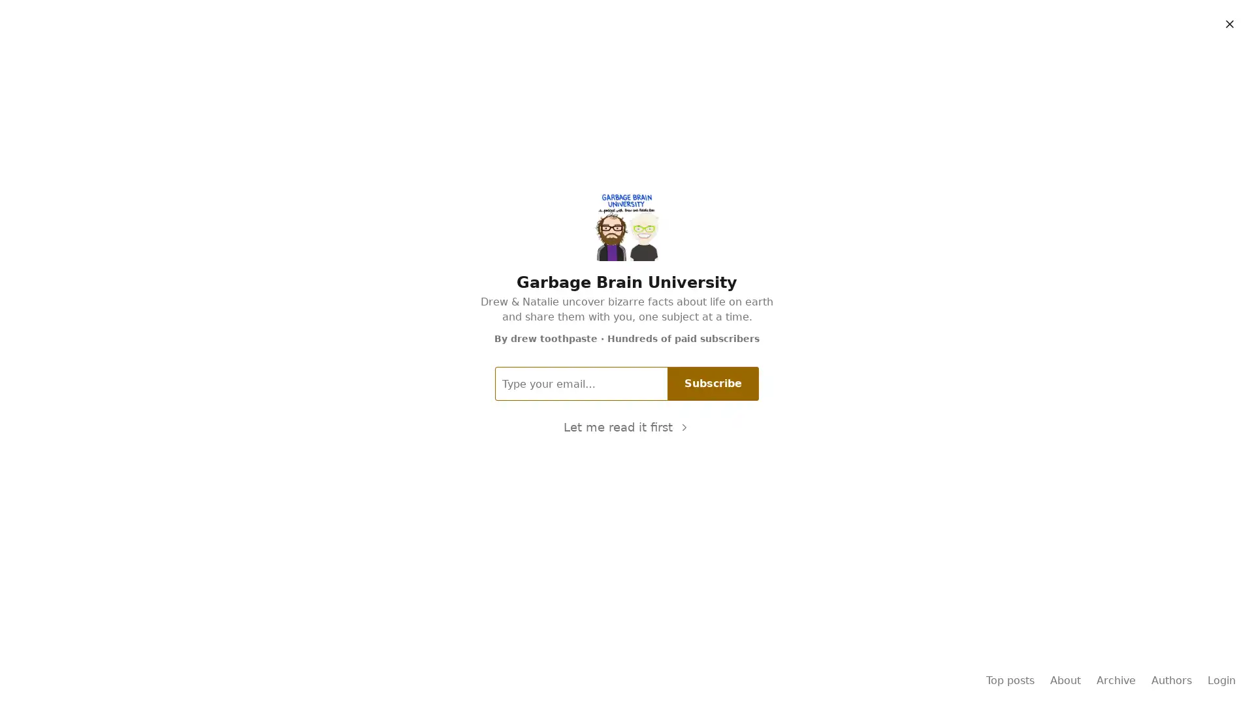 Image resolution: width=1254 pixels, height=705 pixels. I want to click on 11, so click(805, 200).